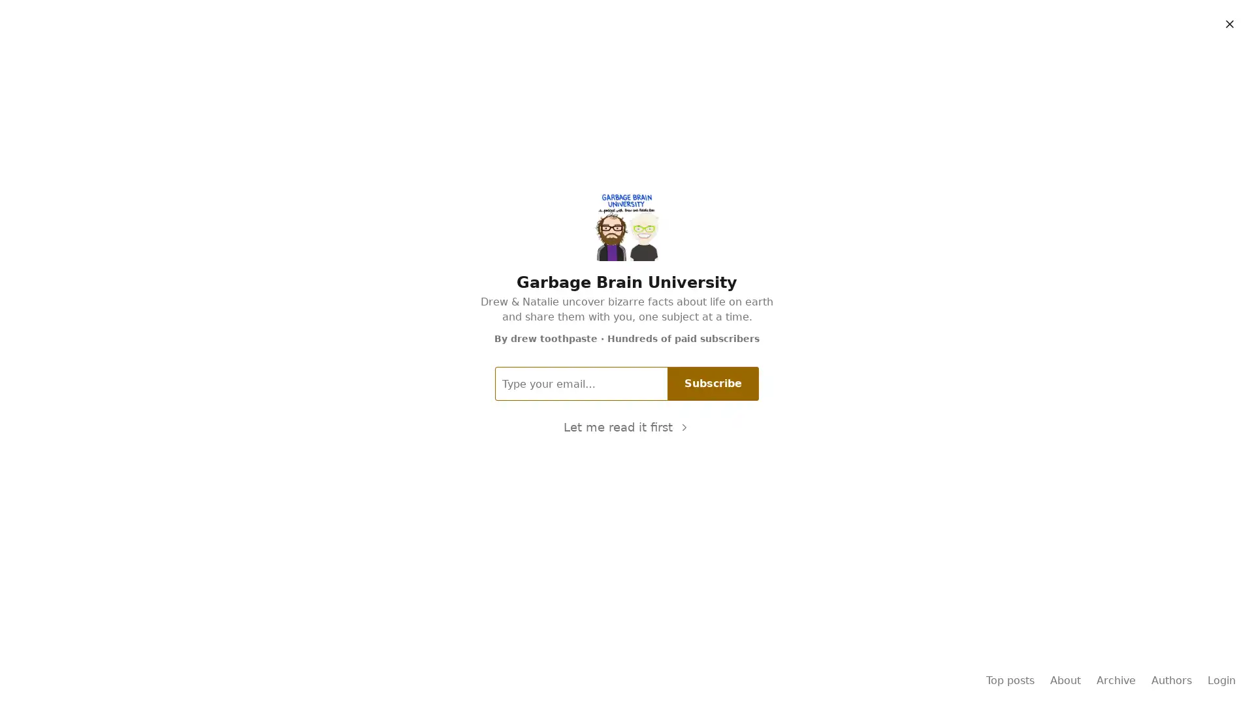 Image resolution: width=1254 pixels, height=705 pixels. I want to click on 11, so click(805, 200).